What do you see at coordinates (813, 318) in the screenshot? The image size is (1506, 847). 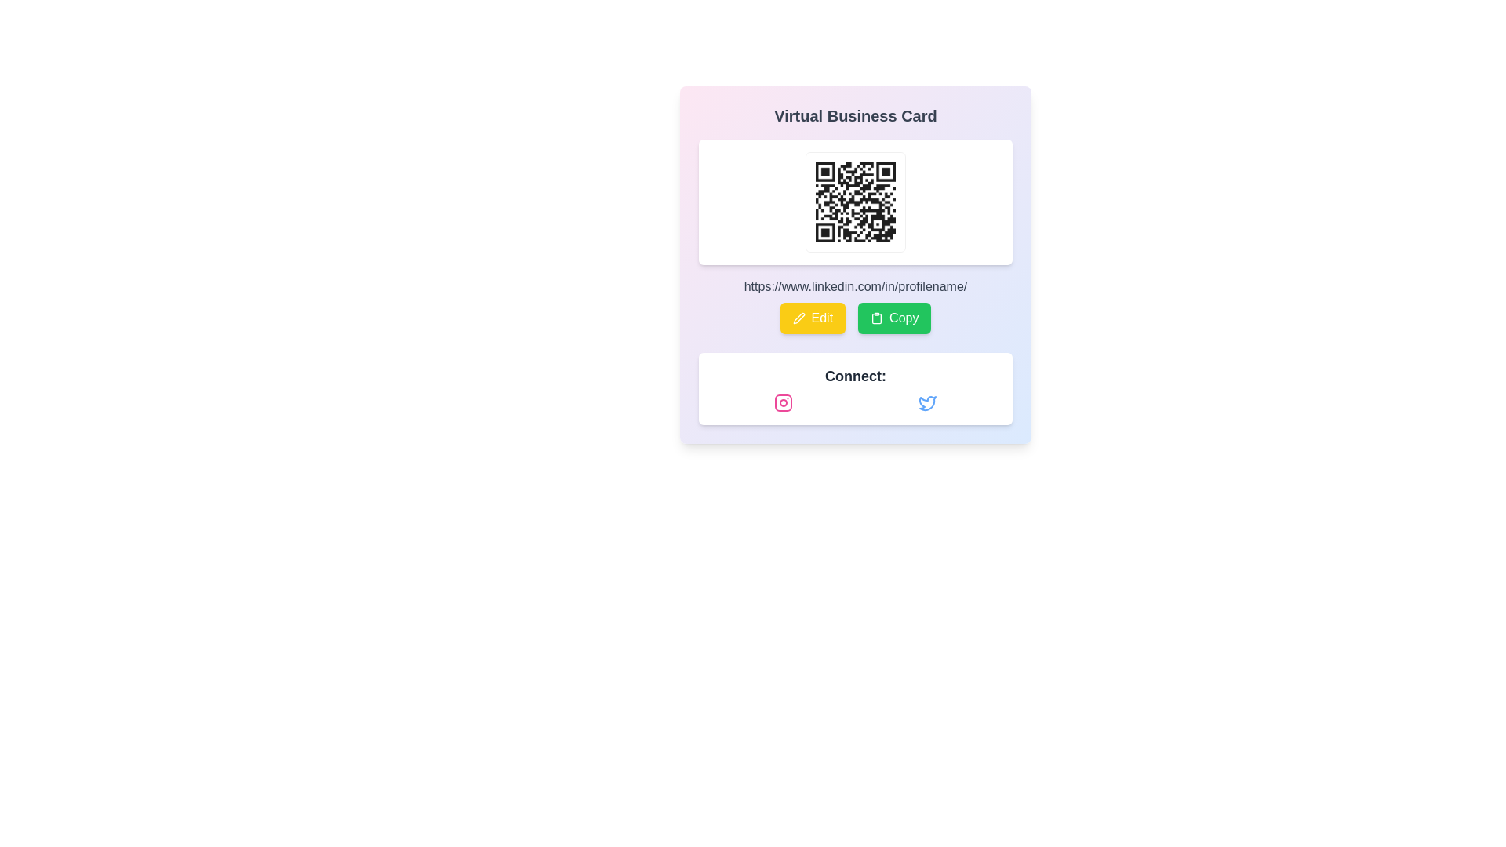 I see `the first button located below the QR code and URL text` at bounding box center [813, 318].